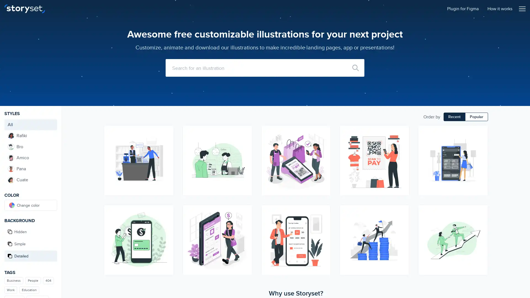 This screenshot has width=530, height=298. Describe the element at coordinates (245, 221) in the screenshot. I see `download icon Download` at that location.